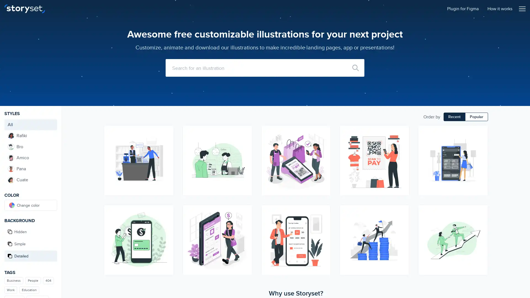 This screenshot has width=530, height=298. Describe the element at coordinates (245, 221) in the screenshot. I see `download icon Download` at that location.